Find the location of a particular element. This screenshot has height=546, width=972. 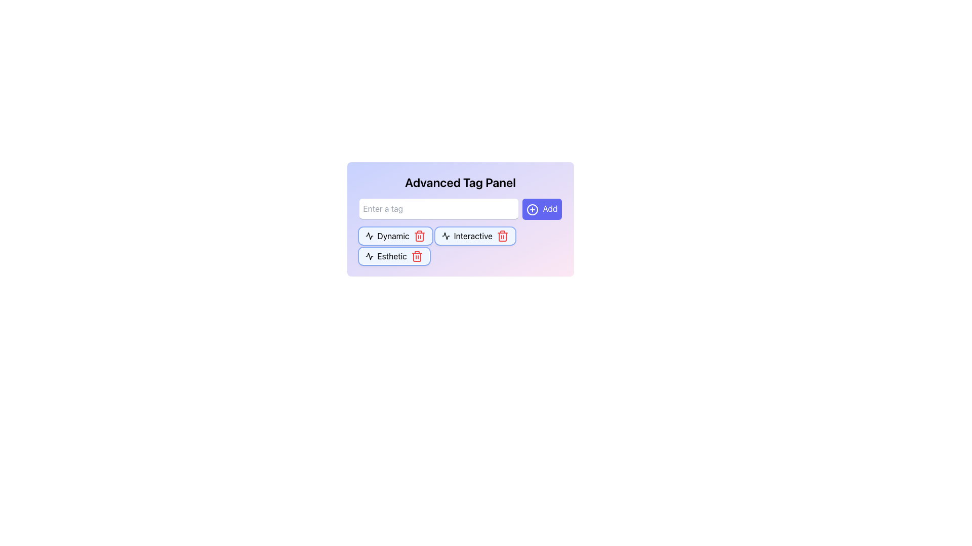

the circular 'Add' icon with a plus sign inside it, located in the top-right corner of the Advanced Tag Panel is located at coordinates (532, 209).